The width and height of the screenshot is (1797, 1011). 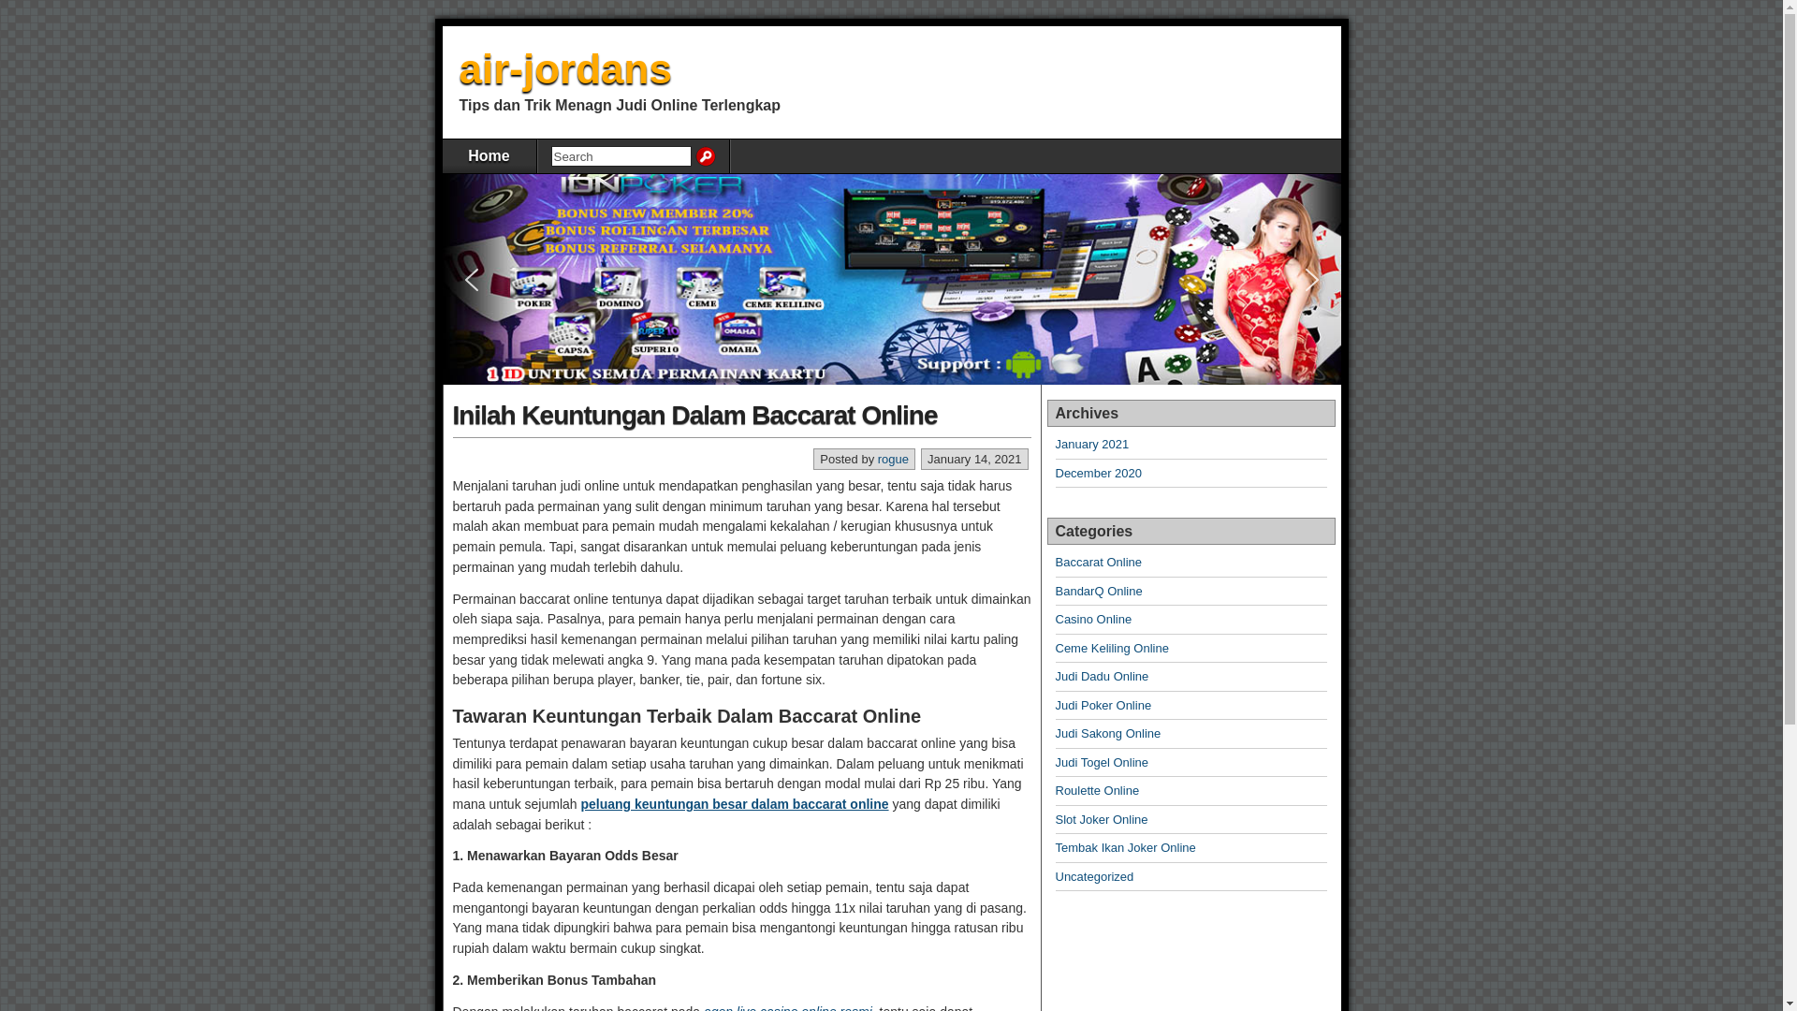 What do you see at coordinates (1056, 647) in the screenshot?
I see `'Ceme Keliling Online'` at bounding box center [1056, 647].